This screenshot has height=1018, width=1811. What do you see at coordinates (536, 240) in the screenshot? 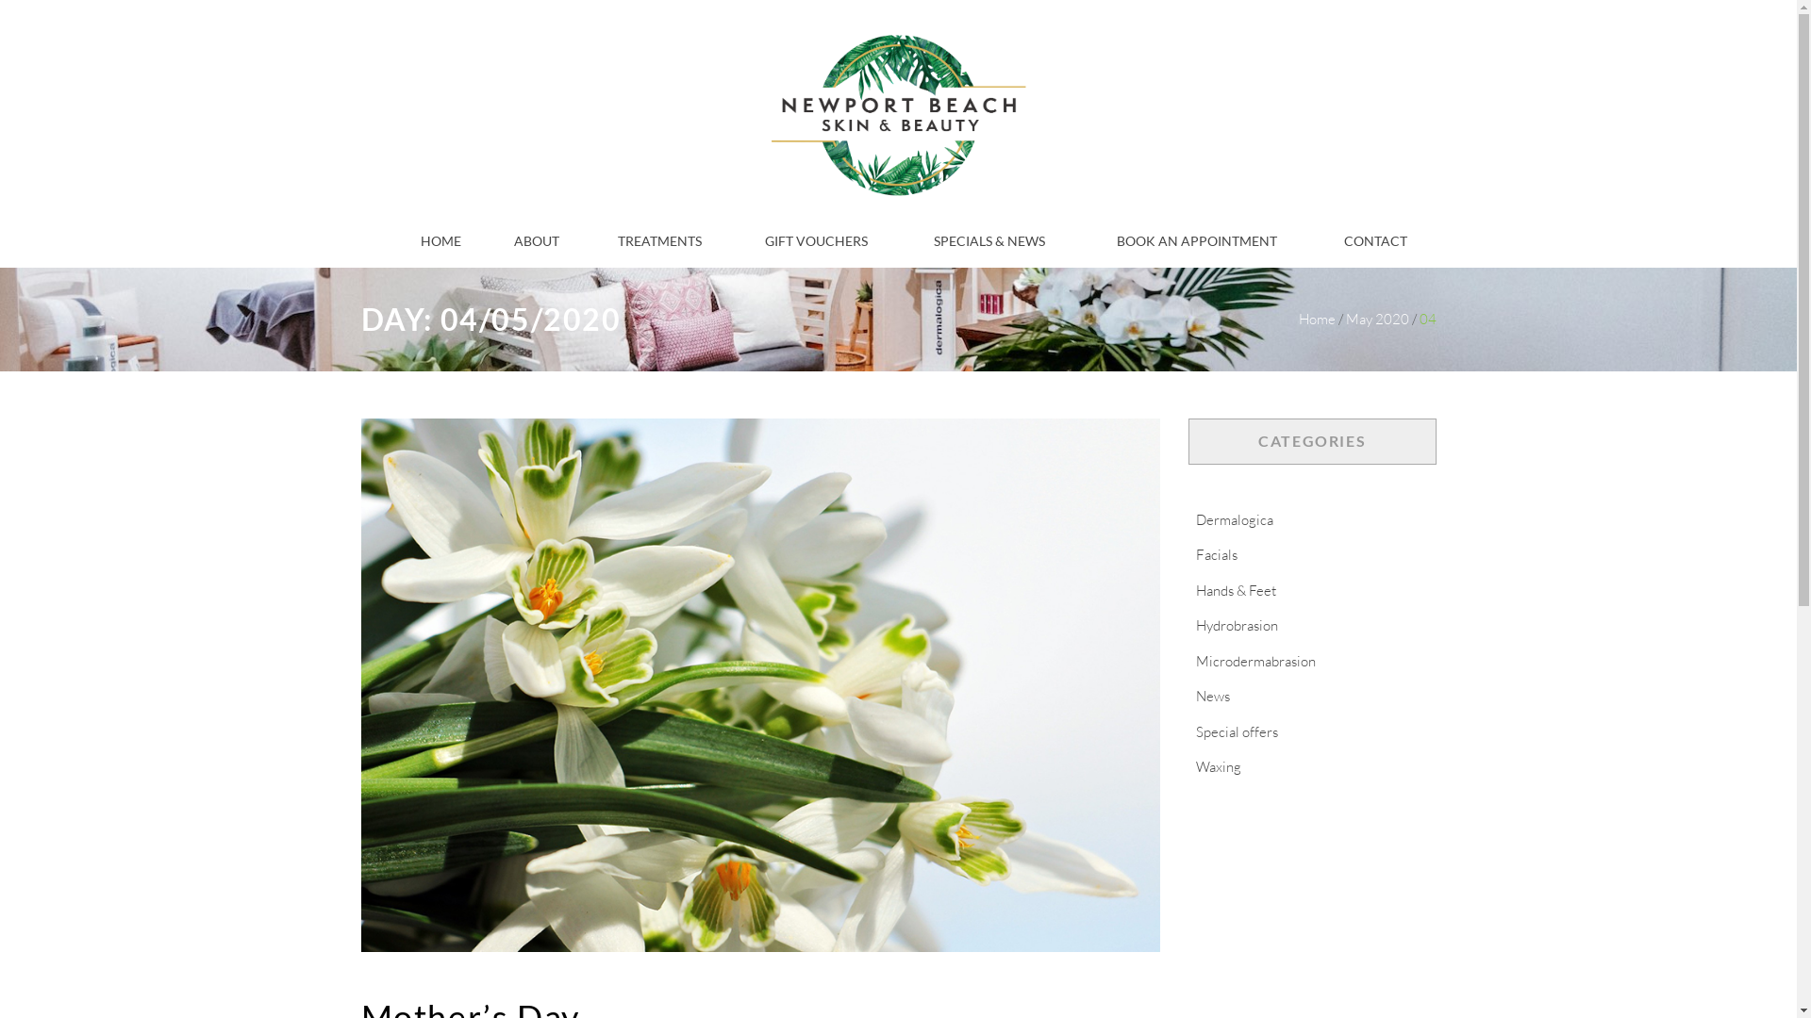
I see `'ABOUT'` at bounding box center [536, 240].